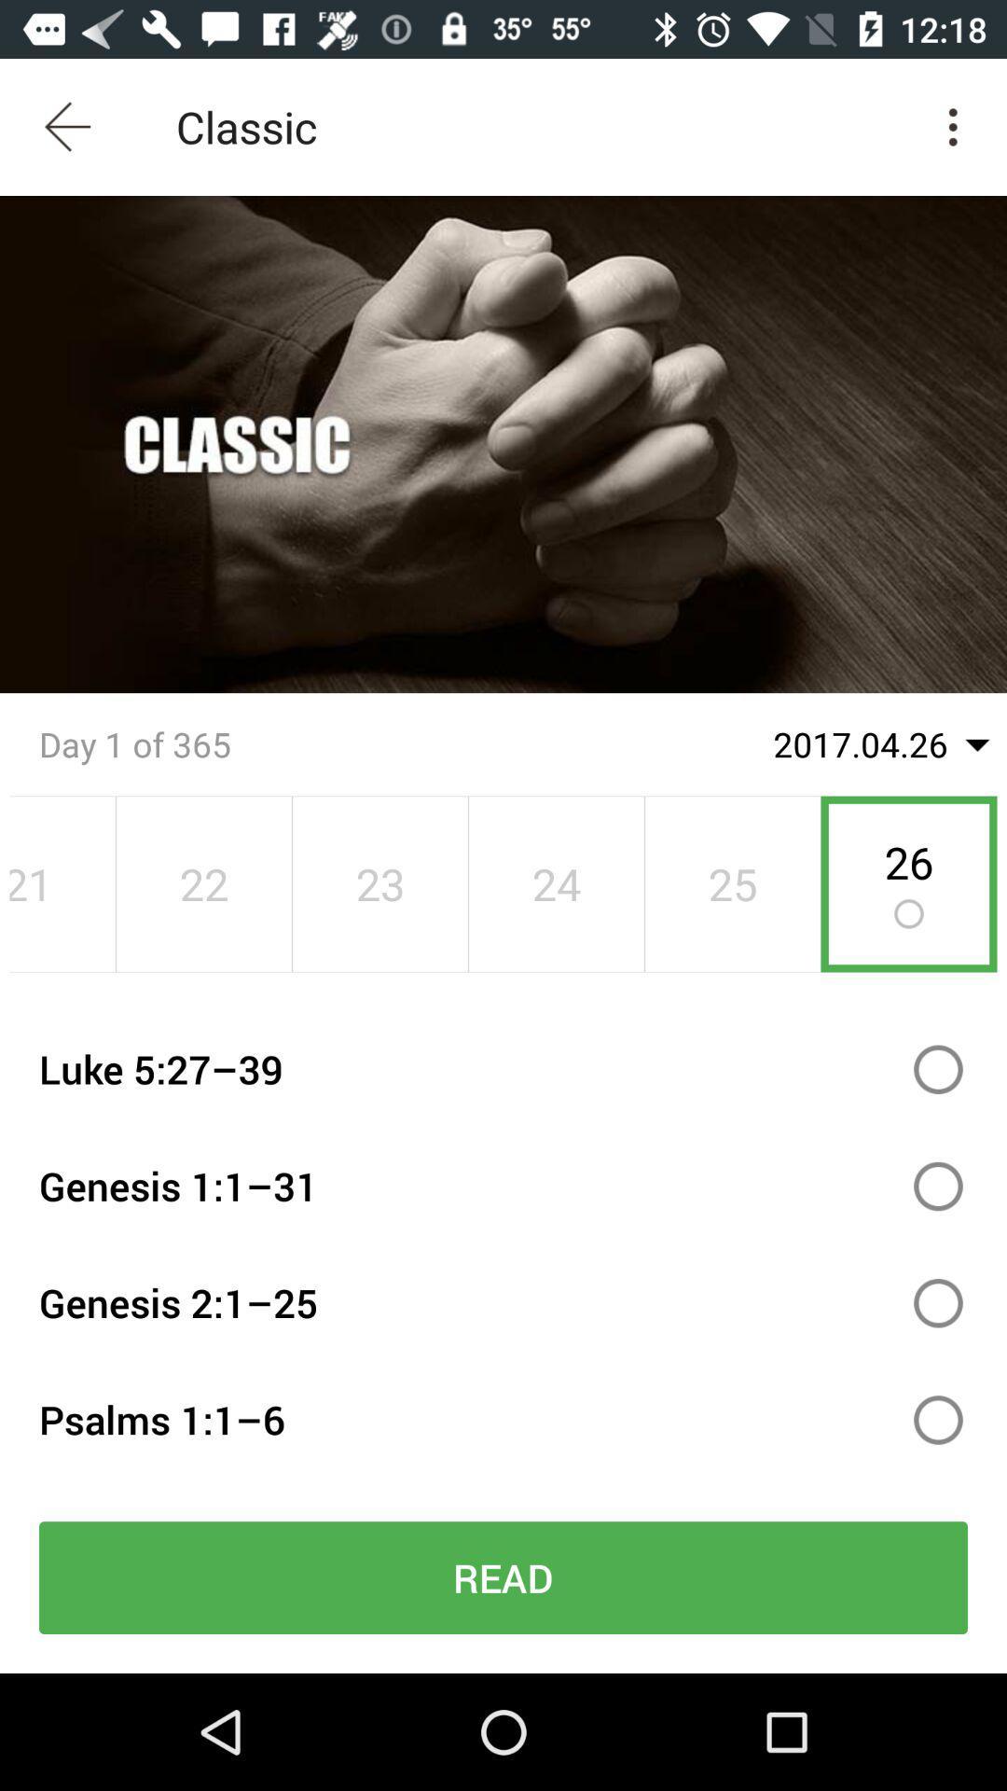 The height and width of the screenshot is (1791, 1007). I want to click on genesis 2:1-25, so click(938, 1302).